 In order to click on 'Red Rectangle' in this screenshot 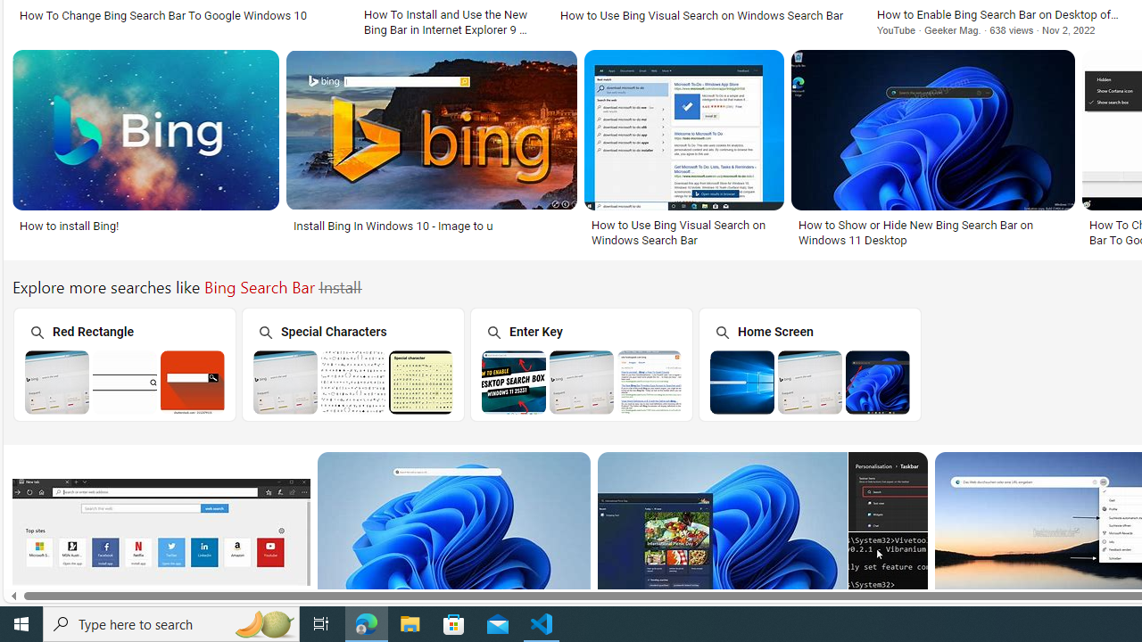, I will do `click(122, 363)`.